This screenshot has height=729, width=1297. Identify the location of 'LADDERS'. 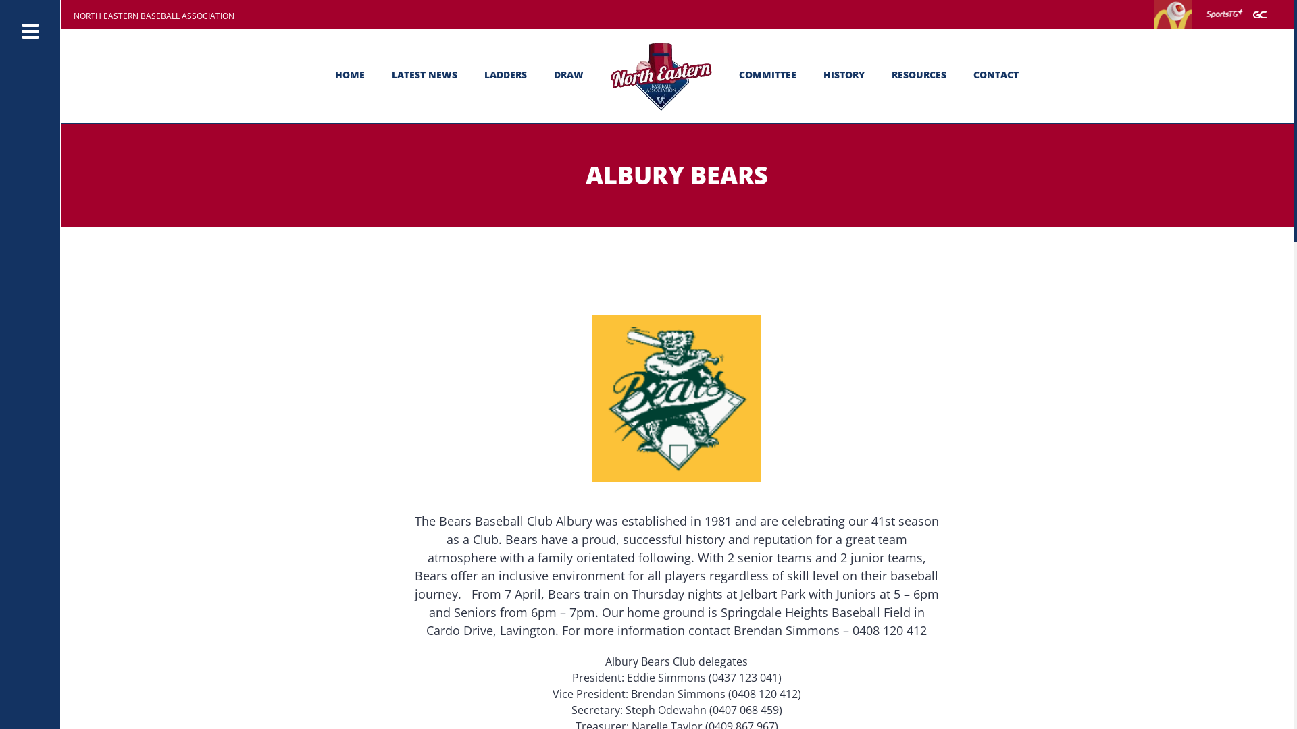
(505, 75).